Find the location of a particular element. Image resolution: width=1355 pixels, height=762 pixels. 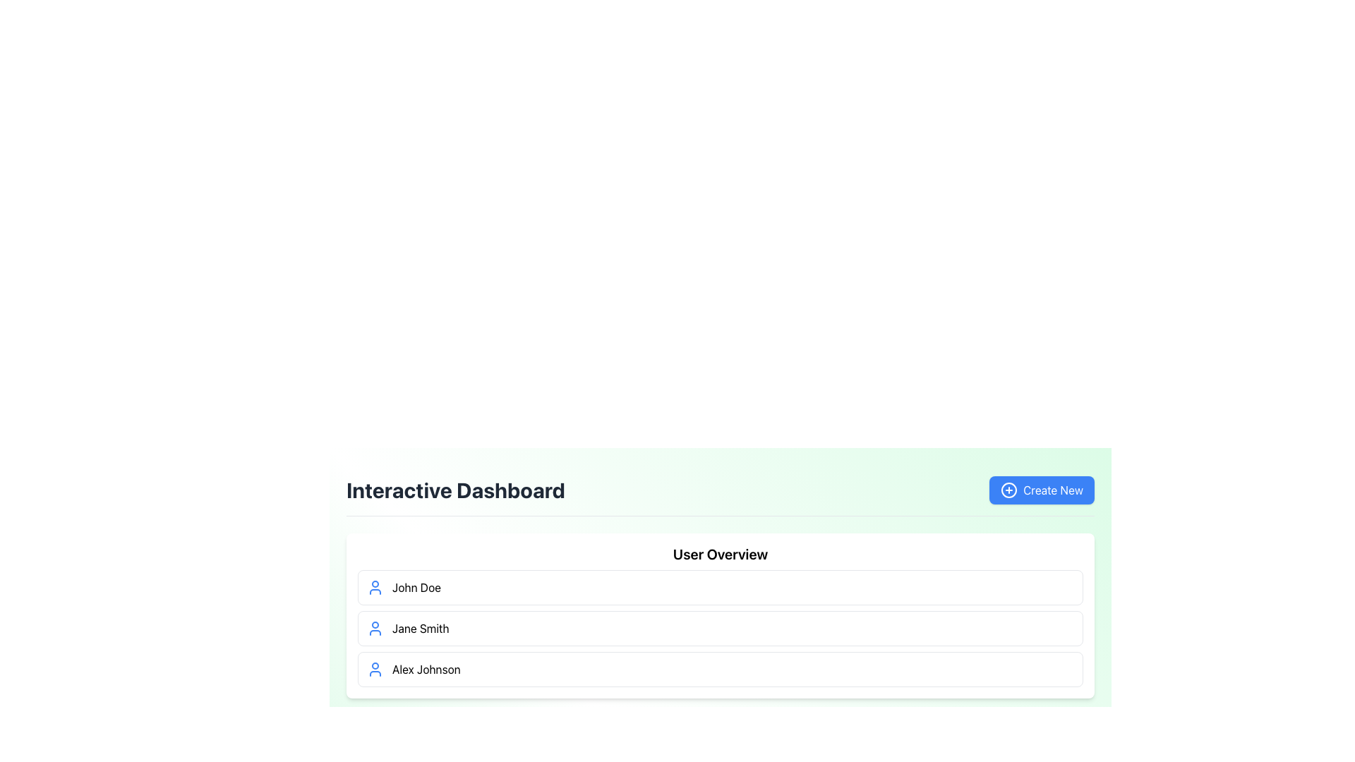

the creation icon located to the left of the 'Create New' button in the top-right corner of the interactive dashboard is located at coordinates (1008, 489).